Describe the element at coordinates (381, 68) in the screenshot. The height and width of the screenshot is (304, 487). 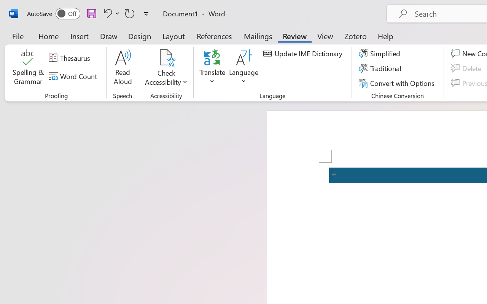
I see `'Traditional'` at that location.